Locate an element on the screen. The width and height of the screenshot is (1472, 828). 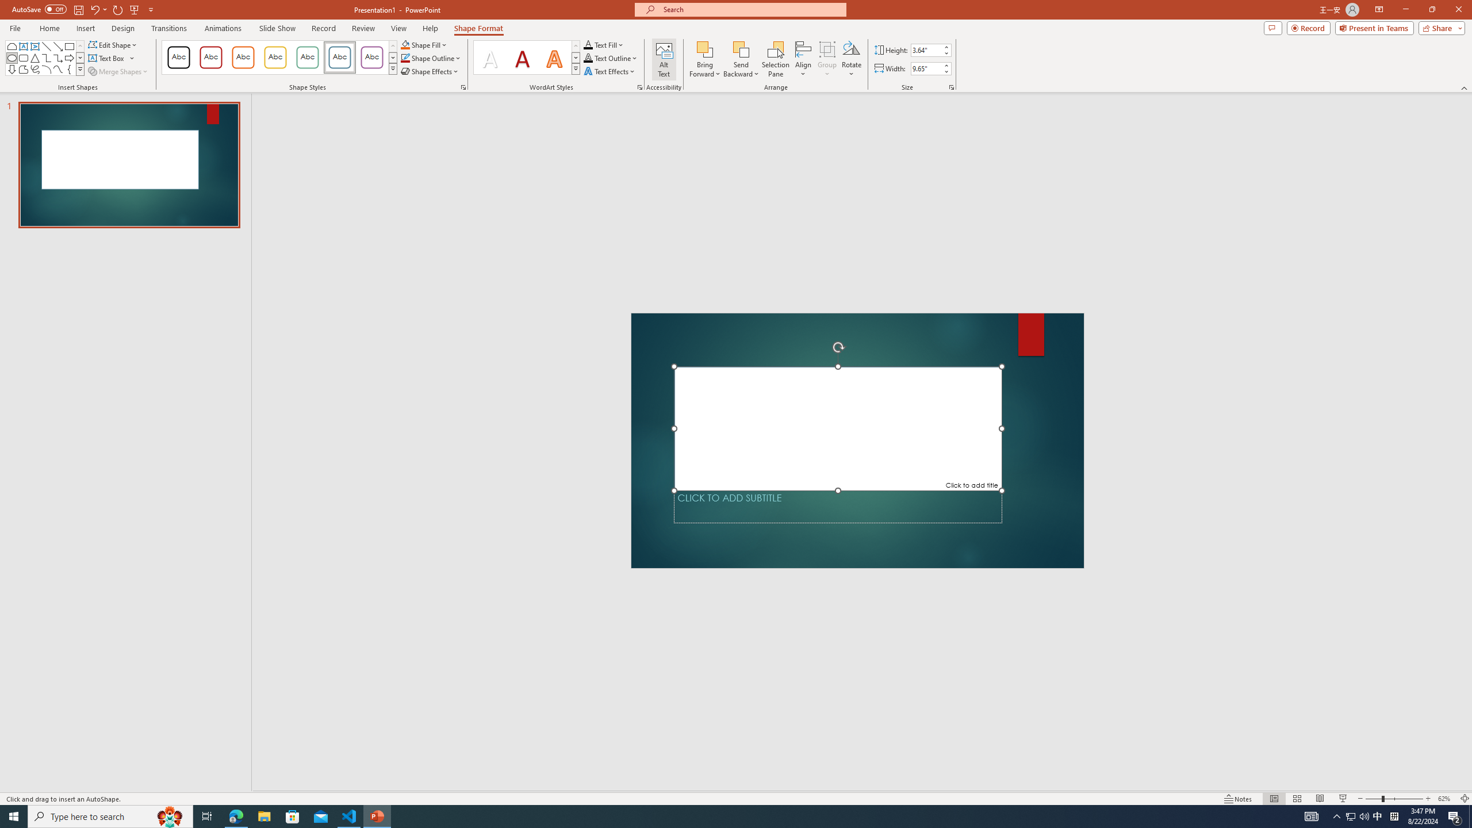
'Isosceles Triangle' is located at coordinates (35, 57).